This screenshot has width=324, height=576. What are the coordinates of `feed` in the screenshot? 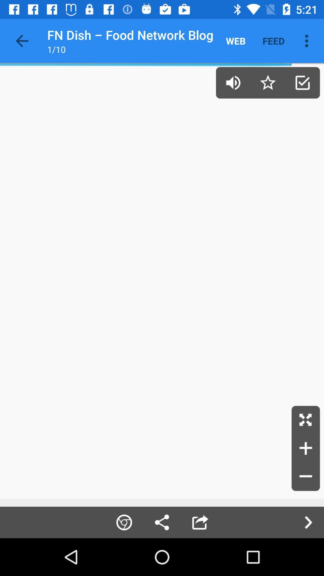 It's located at (273, 40).